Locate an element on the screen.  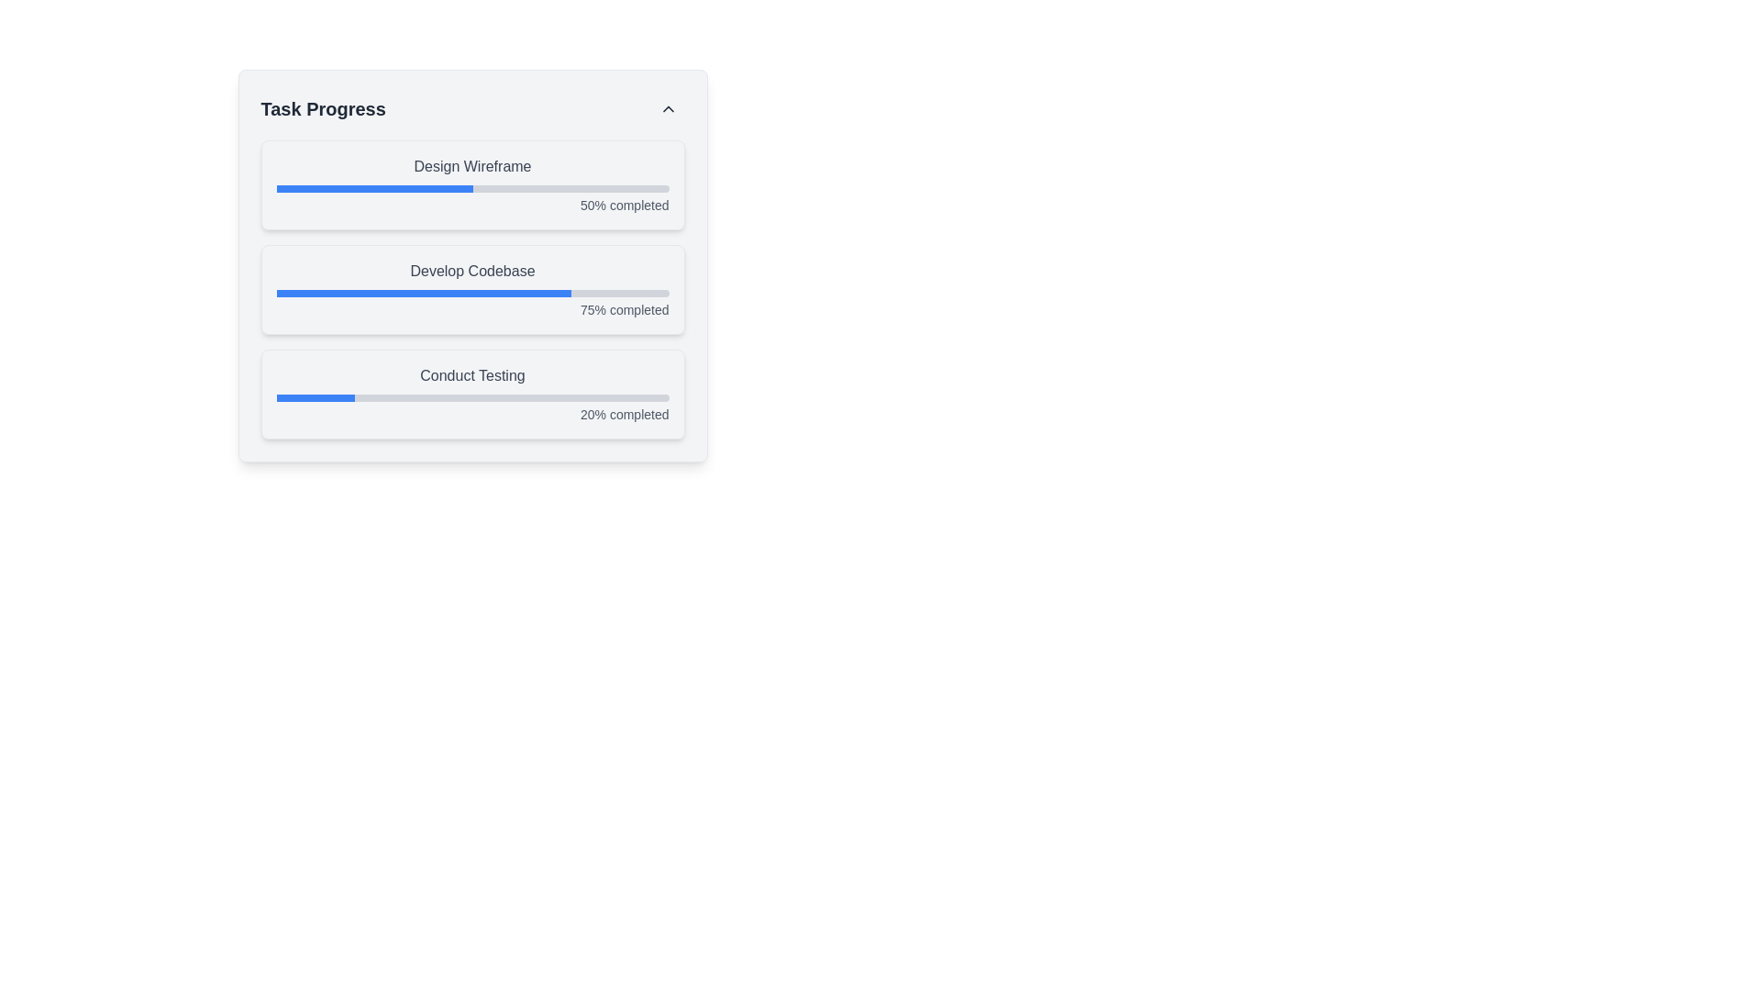
the horizontal progress bar located in the 'Conduct Testing' section, which is the third progress bar below the title 'Conduct Testing' and above the text '20% completed' is located at coordinates (472, 397).